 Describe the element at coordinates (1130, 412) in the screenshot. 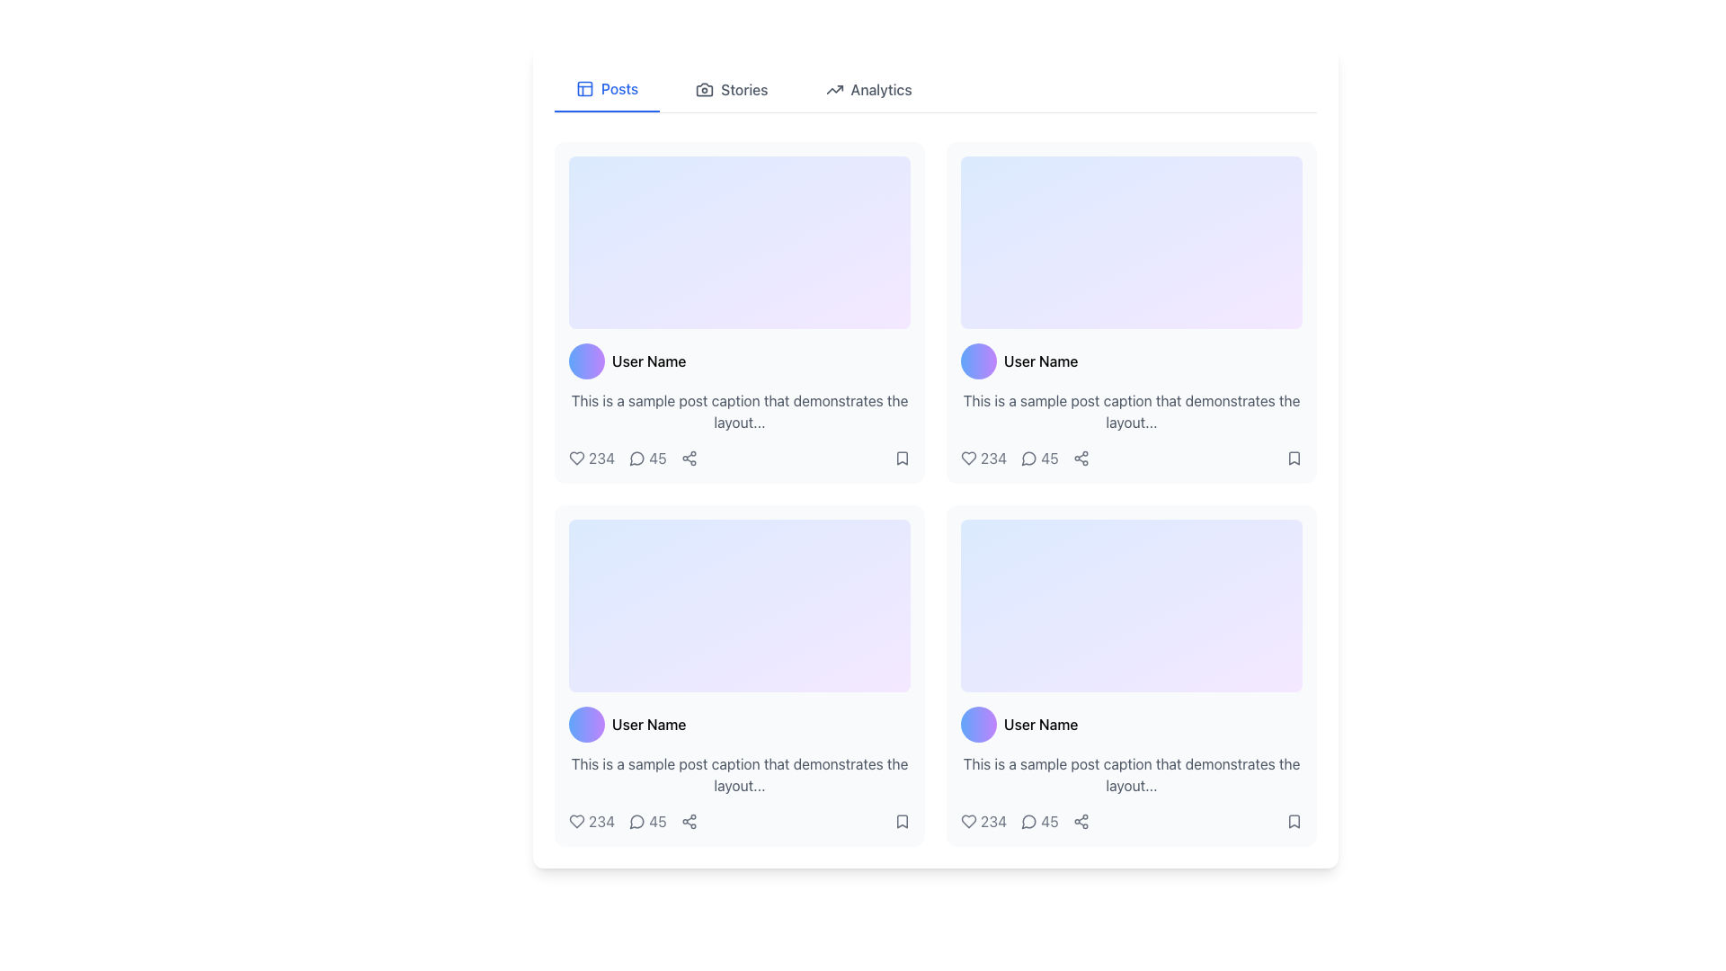

I see `the text block styled in subtle gray color that contains the caption 'This is a sample post caption that demonstrates the layout...', located below the username and above the interaction statistics in the top-right card` at that location.